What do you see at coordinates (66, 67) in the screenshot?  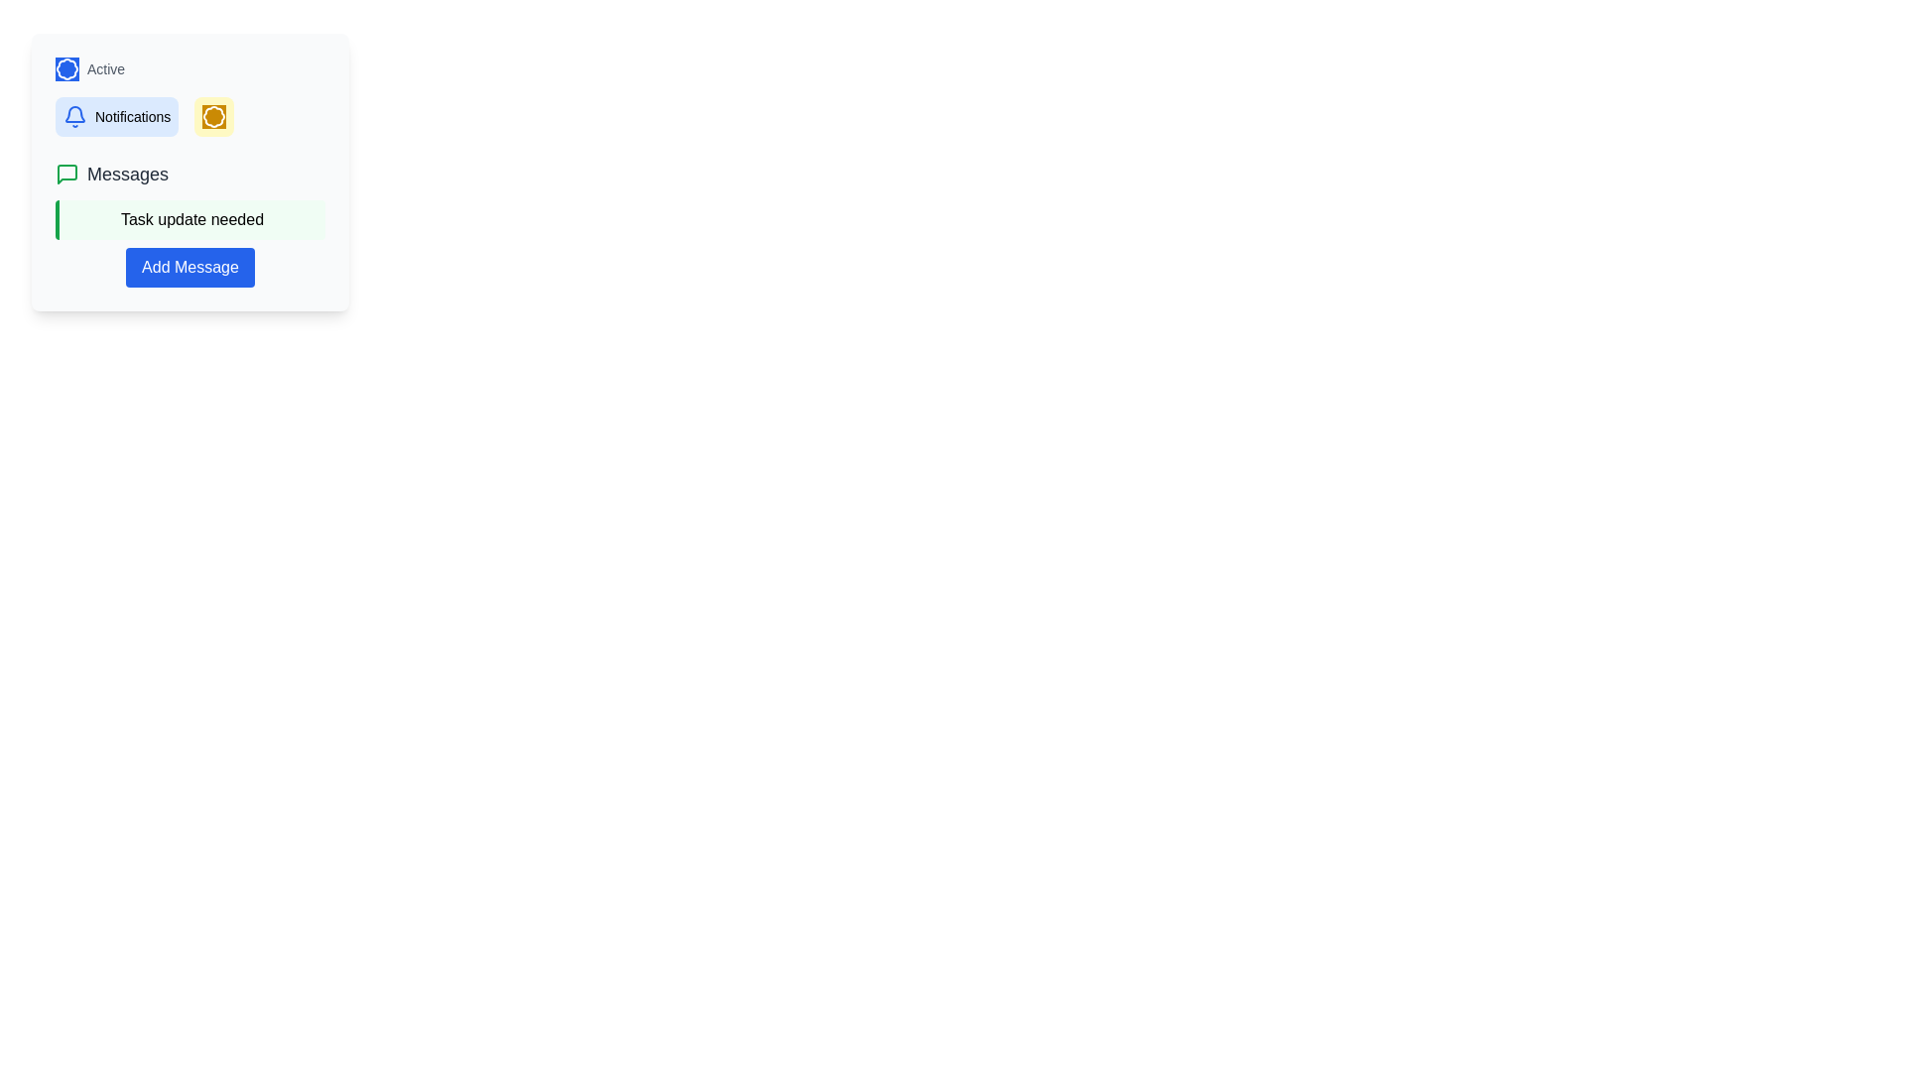 I see `the blue scalloped circular badge icon located at the top left of the 'Active' section` at bounding box center [66, 67].